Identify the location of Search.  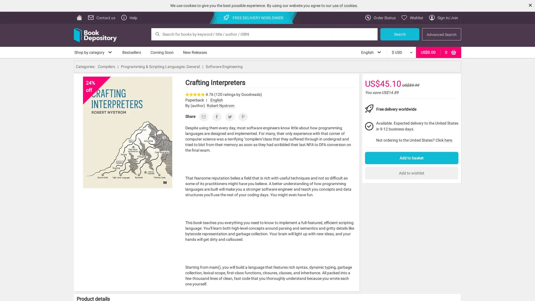
(400, 34).